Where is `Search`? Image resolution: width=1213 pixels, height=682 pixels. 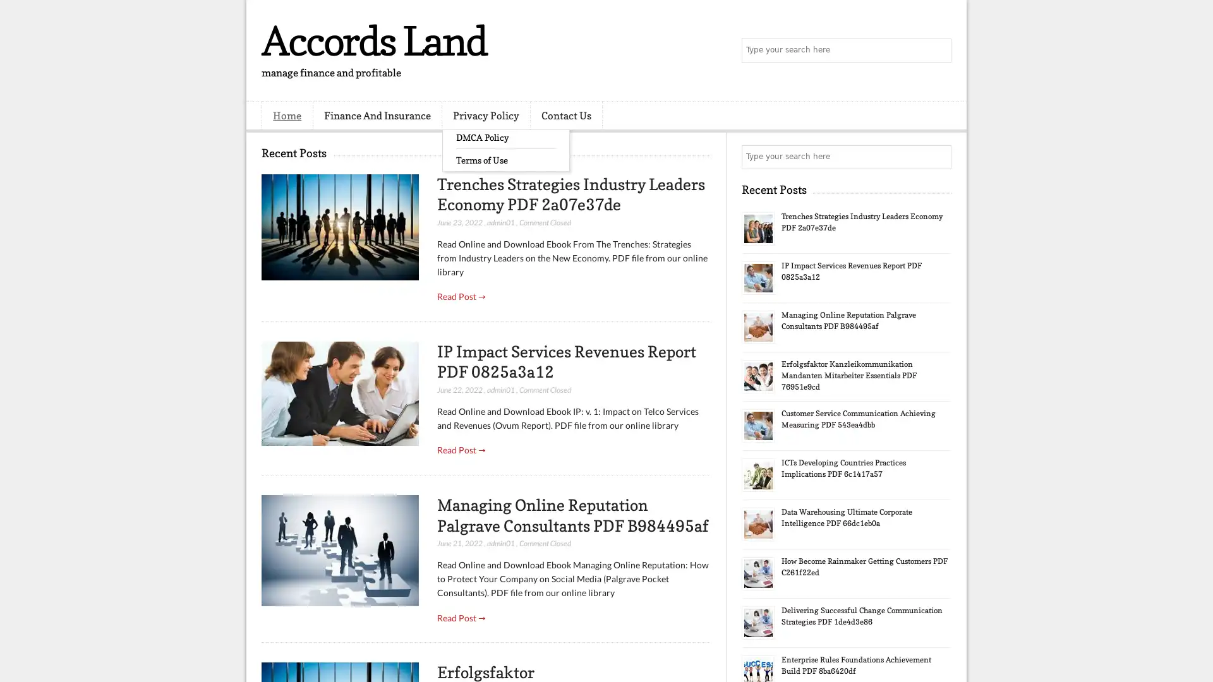
Search is located at coordinates (938, 157).